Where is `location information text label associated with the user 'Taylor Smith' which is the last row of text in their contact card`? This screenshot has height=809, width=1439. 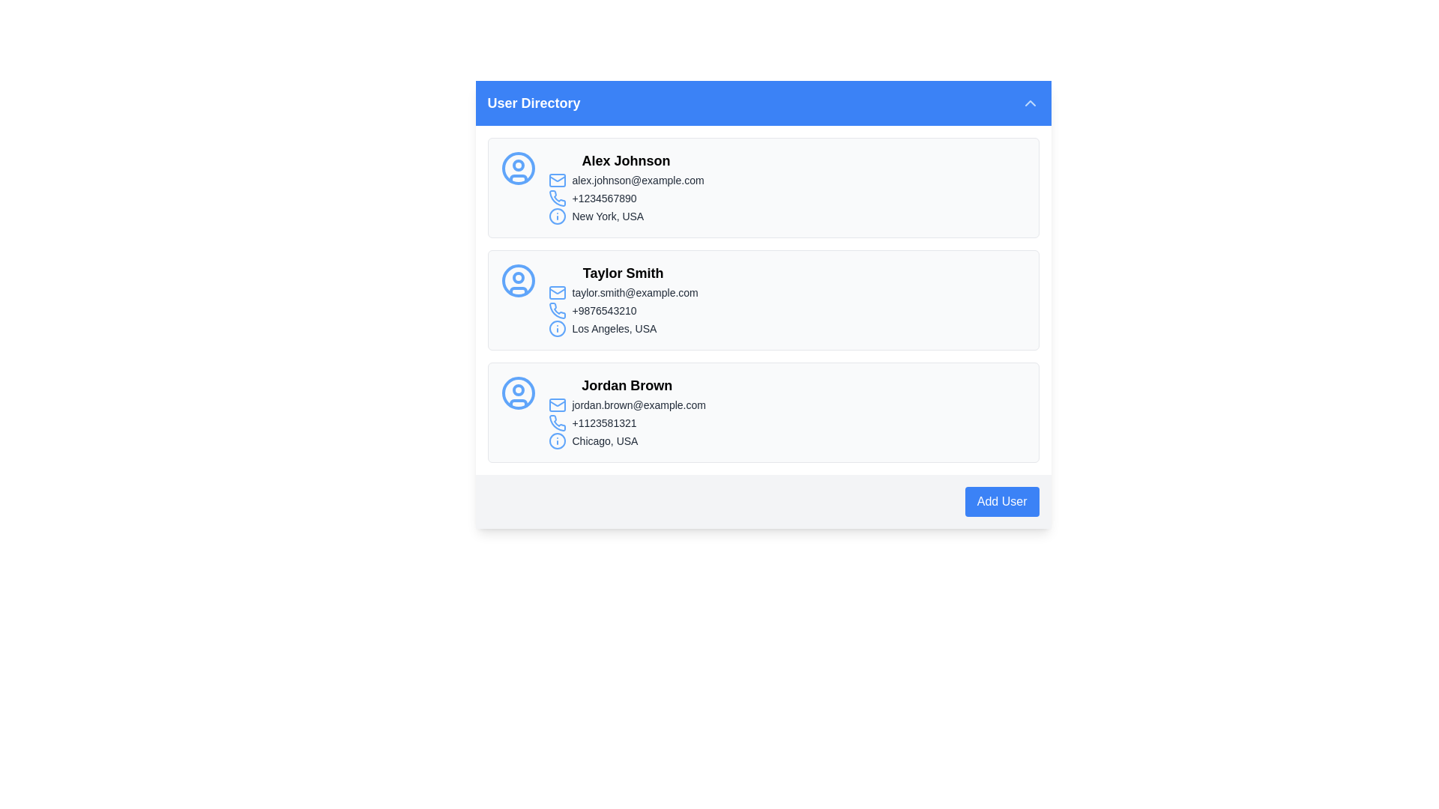
location information text label associated with the user 'Taylor Smith' which is the last row of text in their contact card is located at coordinates (623, 328).